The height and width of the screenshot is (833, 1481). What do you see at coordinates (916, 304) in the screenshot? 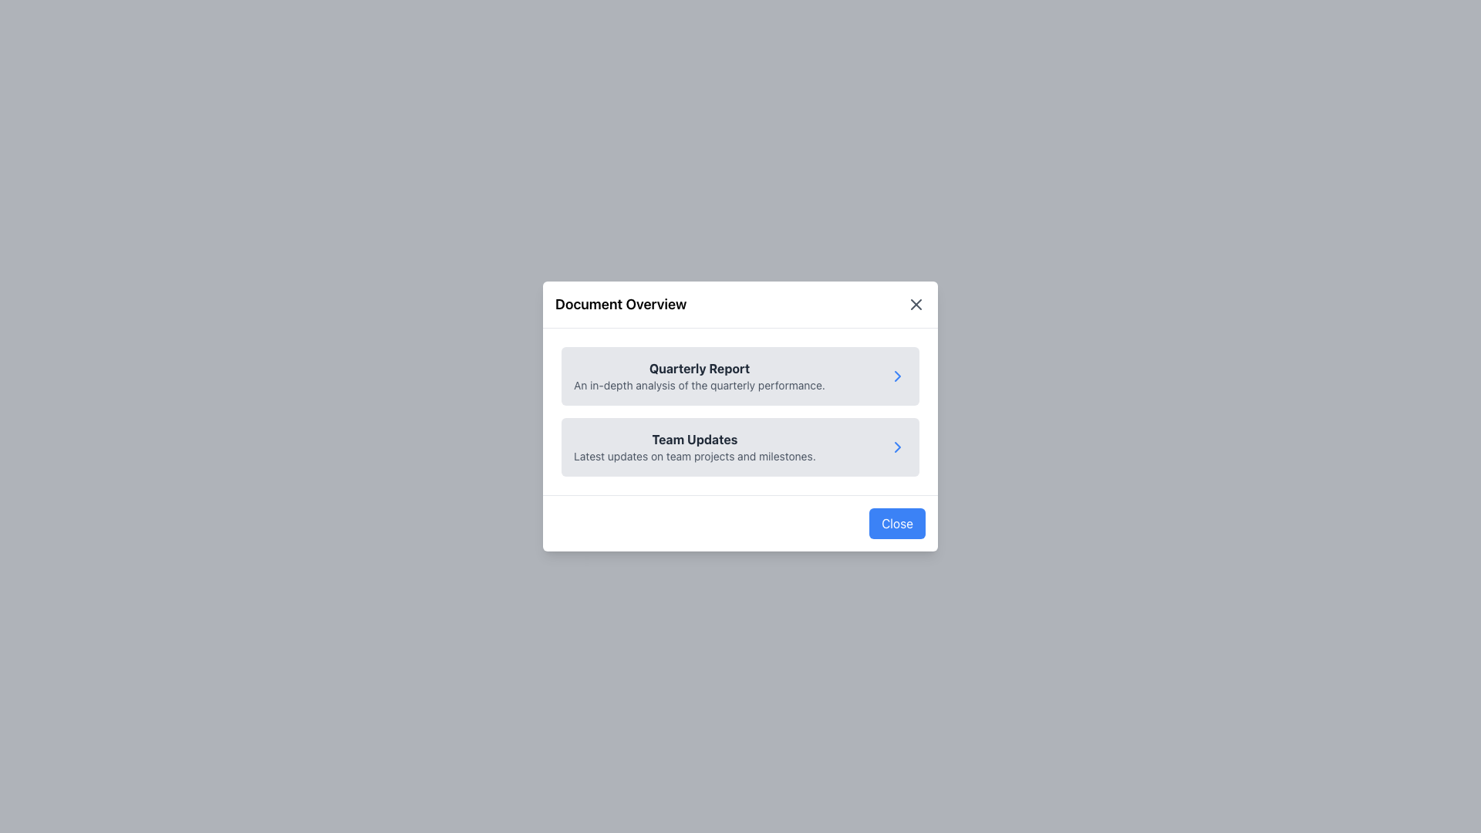
I see `the close button shaped like an 'X' in the top-right corner of the 'Document Overview' dialog` at bounding box center [916, 304].